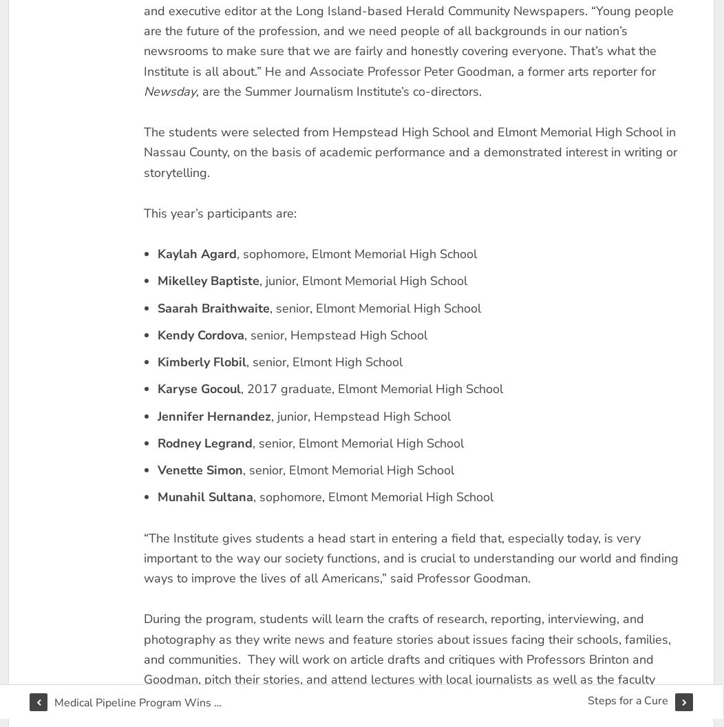 This screenshot has height=727, width=724. Describe the element at coordinates (204, 496) in the screenshot. I see `'Munahil Sultana'` at that location.